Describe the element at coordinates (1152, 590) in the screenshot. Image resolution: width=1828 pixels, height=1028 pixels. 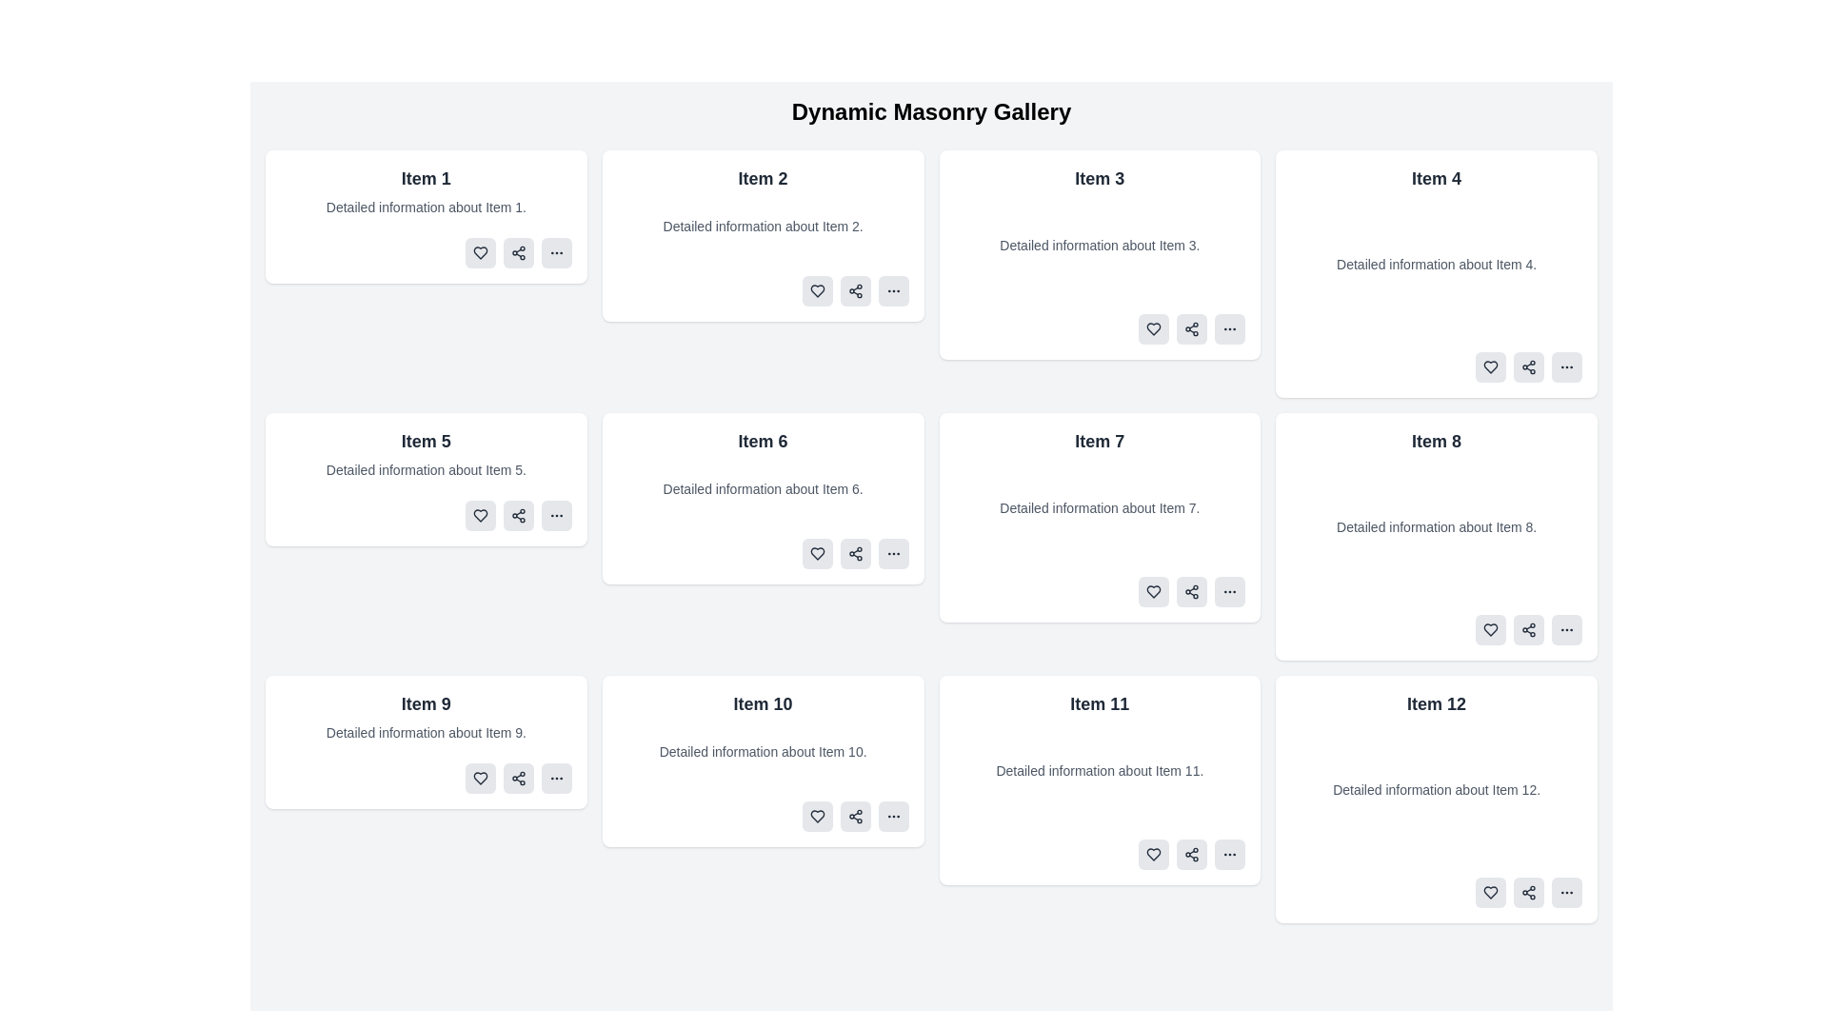
I see `the 'like' icon button located at the bottom-right corner of the card labeled 'Item 7'` at that location.